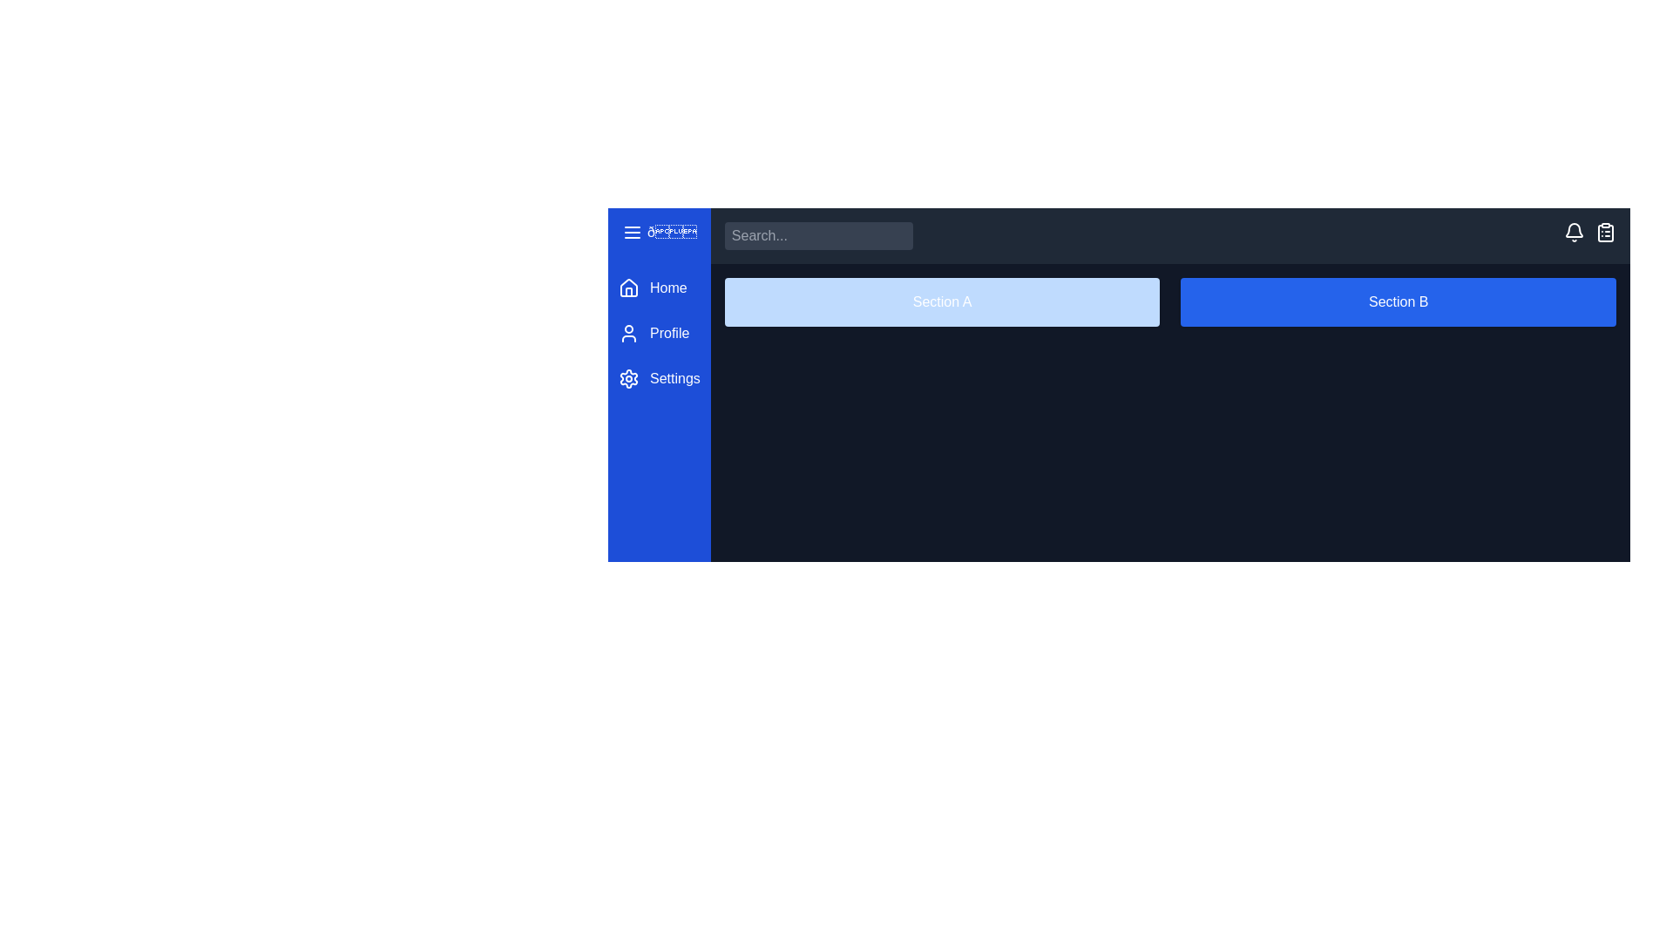 The height and width of the screenshot is (941, 1673). What do you see at coordinates (658, 333) in the screenshot?
I see `the 'Profile' button in the vertical navigation bar` at bounding box center [658, 333].